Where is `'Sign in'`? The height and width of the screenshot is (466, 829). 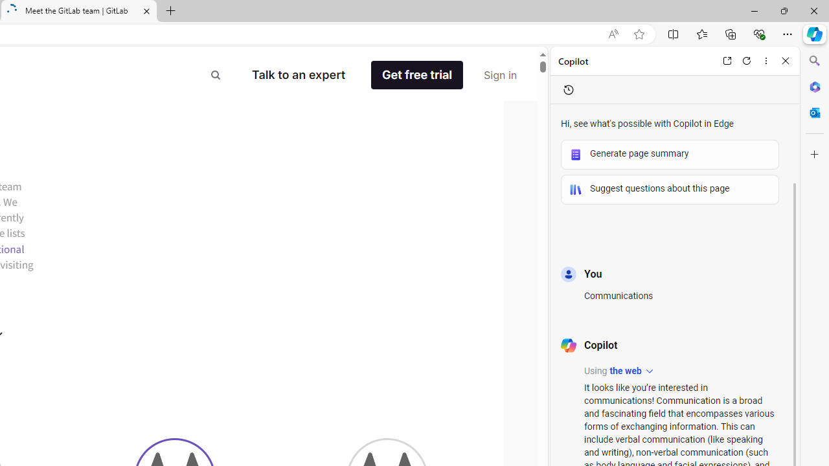 'Sign in' is located at coordinates (499, 74).